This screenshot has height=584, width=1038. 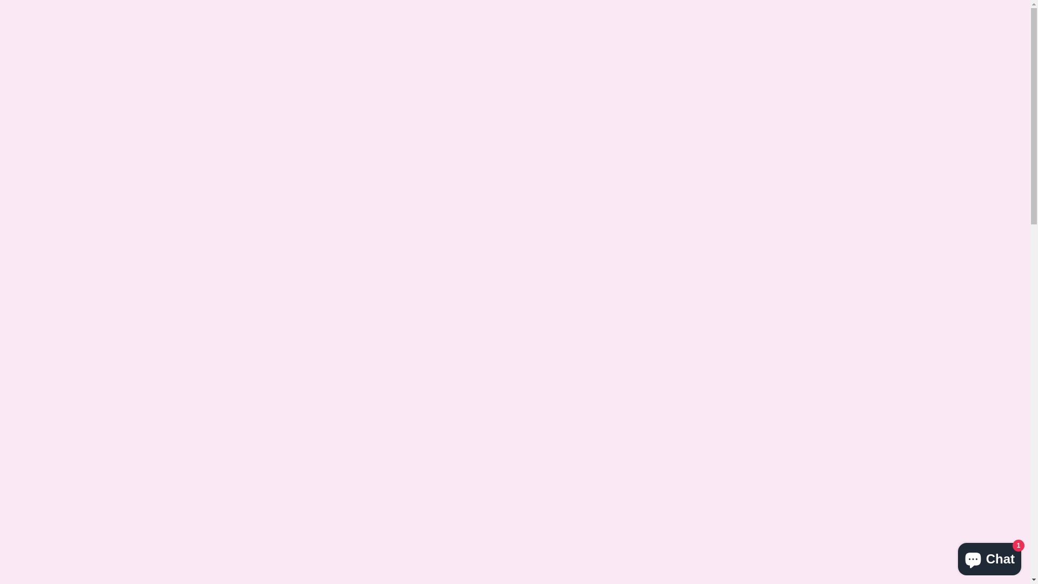 What do you see at coordinates (989, 556) in the screenshot?
I see `'Shopify online store chat'` at bounding box center [989, 556].